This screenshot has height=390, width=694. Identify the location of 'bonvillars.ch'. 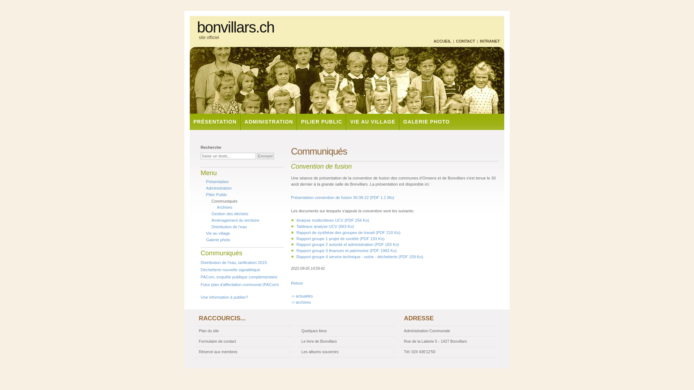
(197, 27).